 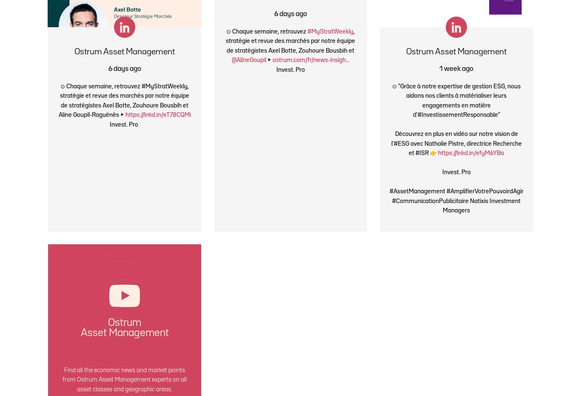 What do you see at coordinates (456, 100) in the screenshot?
I see `'⊙ "Grâce à notre expertise de gestion ESG, nous aidons nos clients à matérialiser leurs engagements en matière d'#InvestissementResponsable"'` at bounding box center [456, 100].